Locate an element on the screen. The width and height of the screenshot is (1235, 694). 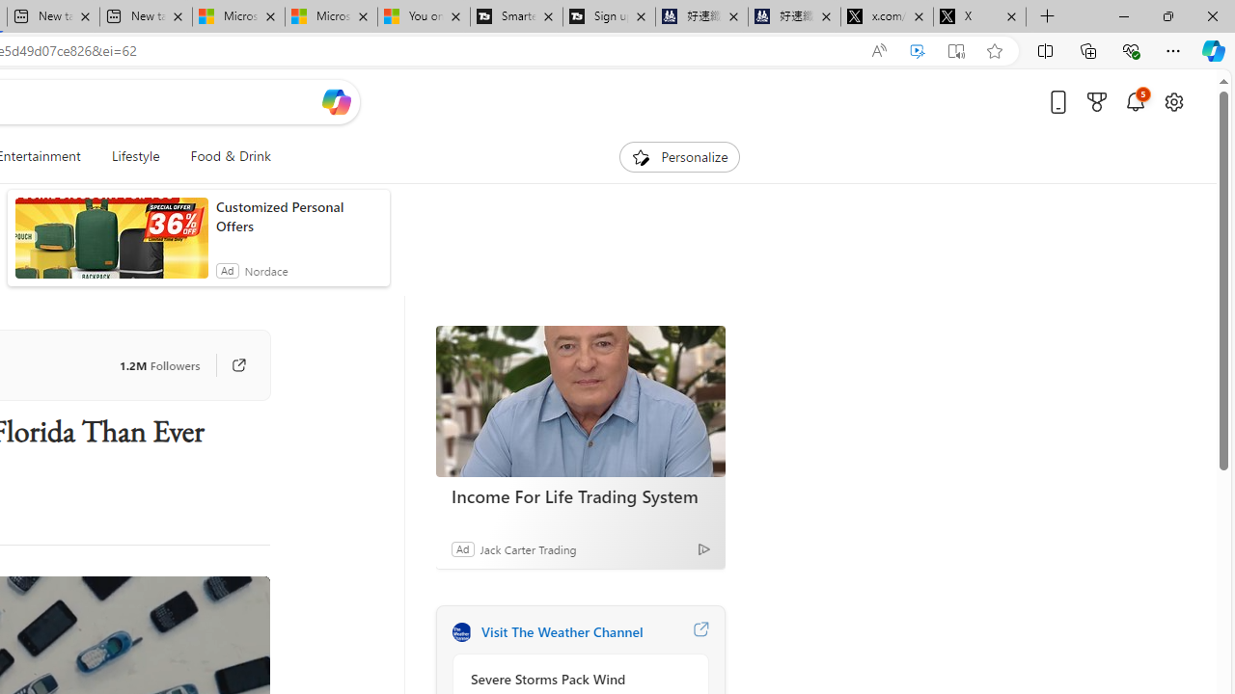
'Personalize' is located at coordinates (679, 156).